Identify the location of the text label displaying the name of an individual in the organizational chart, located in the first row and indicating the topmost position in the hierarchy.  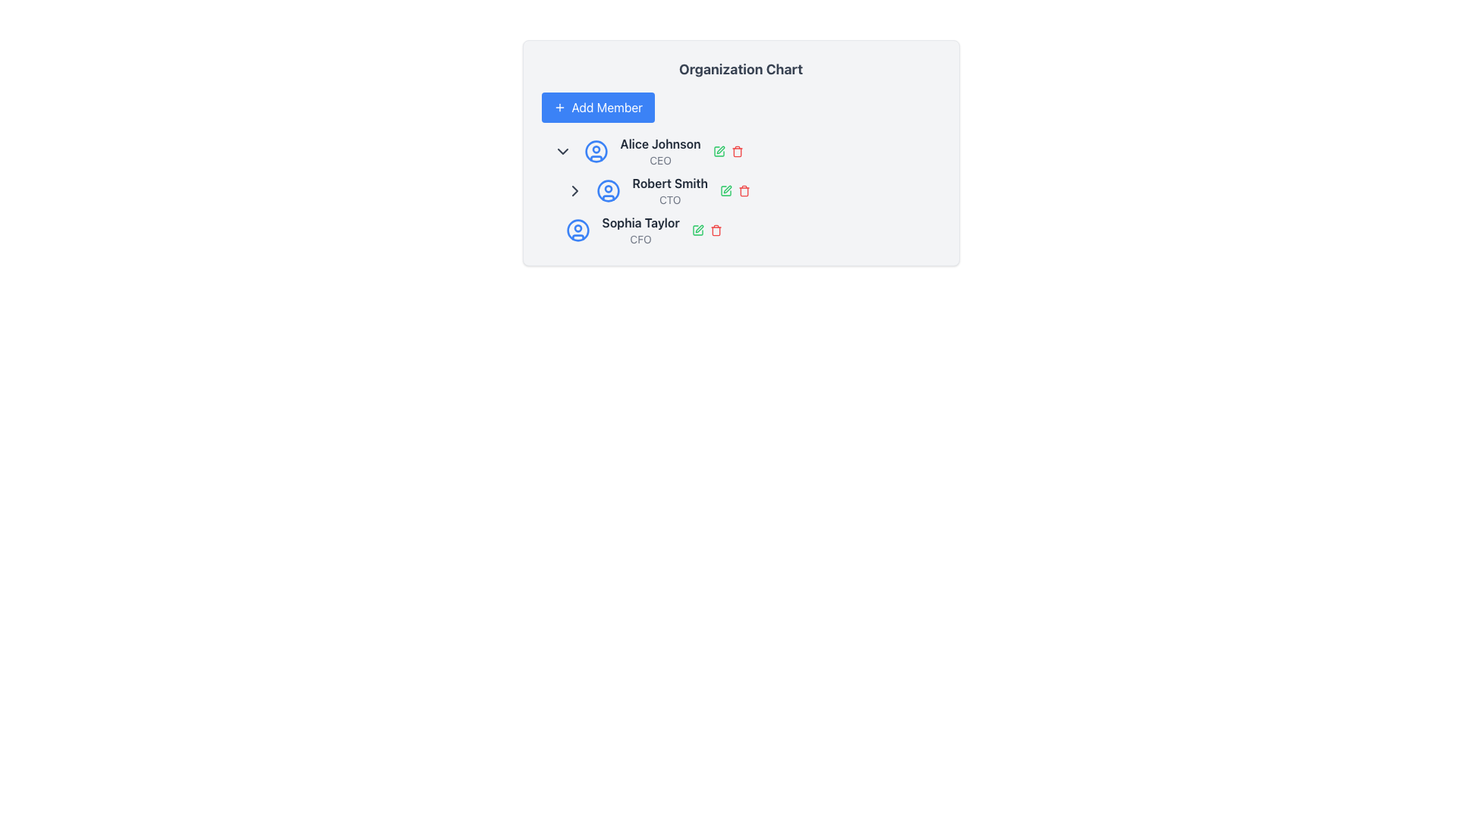
(660, 143).